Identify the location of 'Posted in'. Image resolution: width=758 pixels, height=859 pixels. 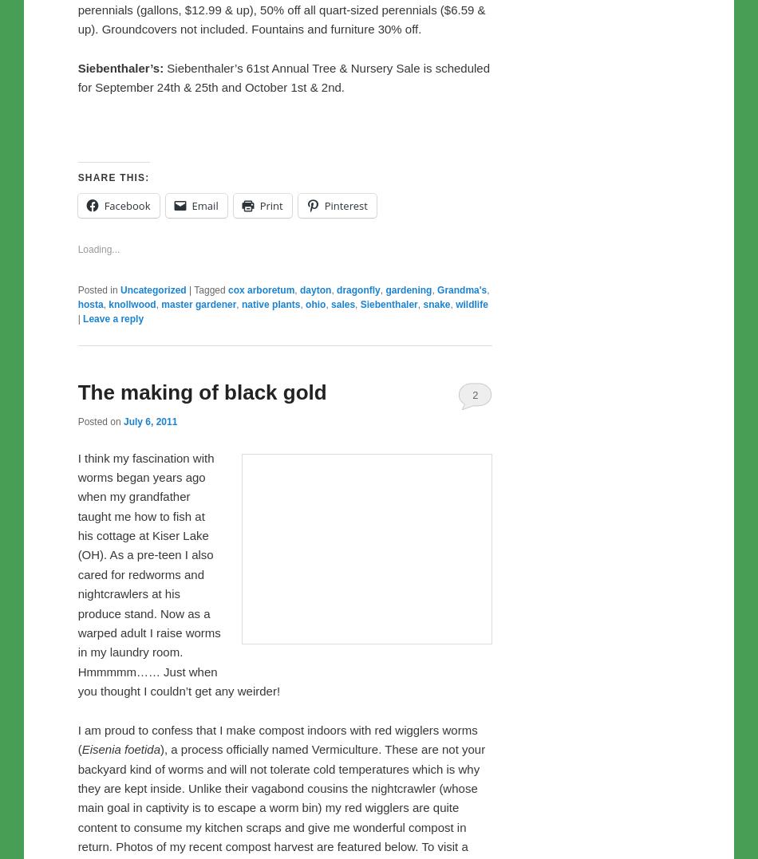
(97, 623).